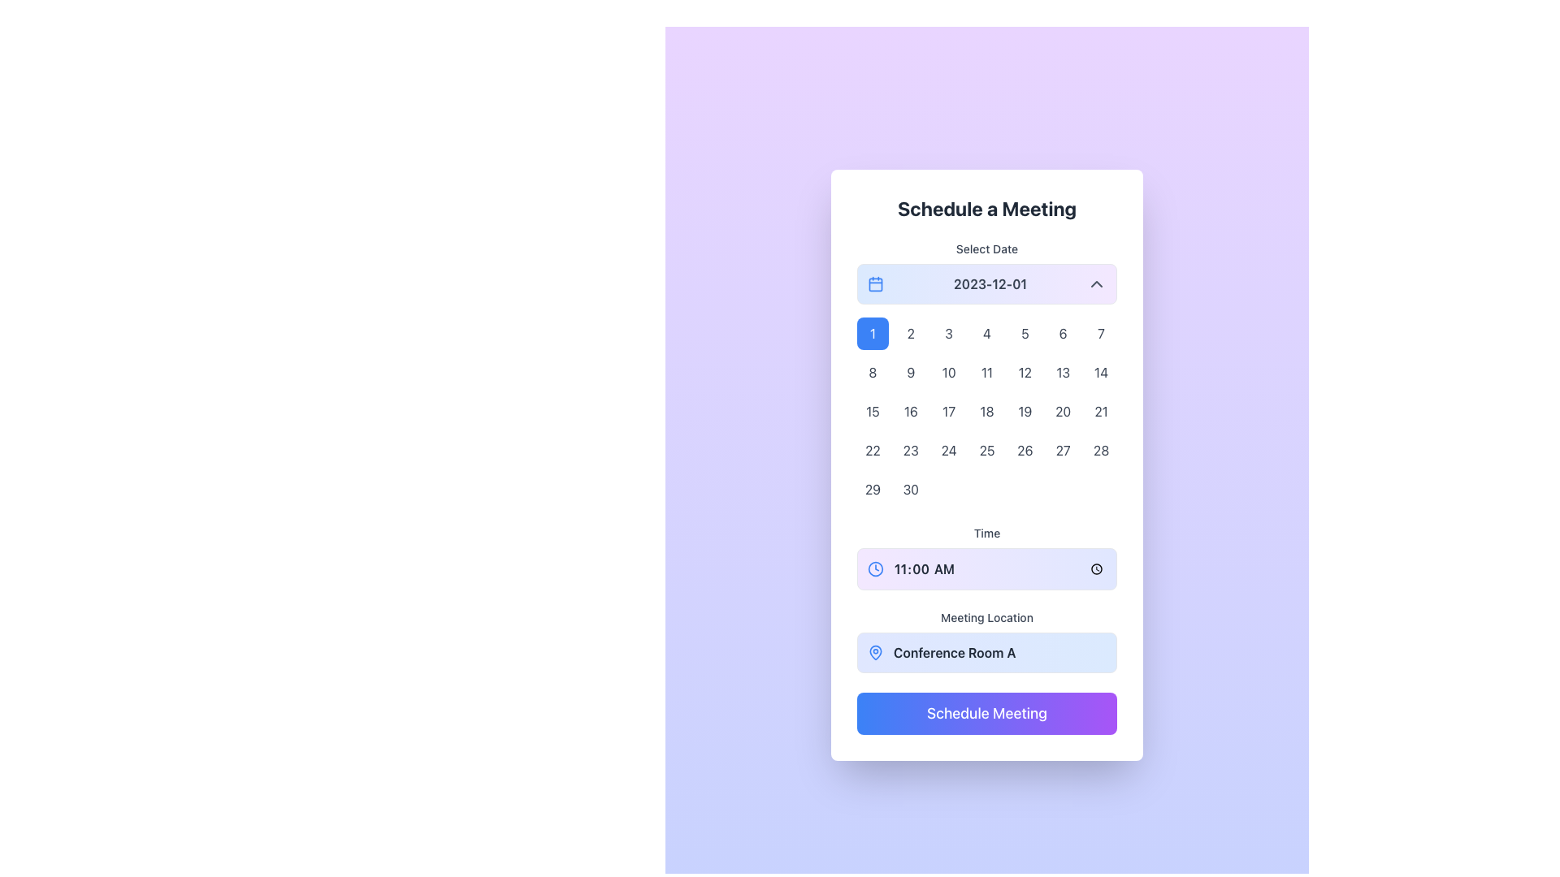  Describe the element at coordinates (911, 373) in the screenshot. I see `the calendar date button located in the second row and second column of the calendar grid` at that location.